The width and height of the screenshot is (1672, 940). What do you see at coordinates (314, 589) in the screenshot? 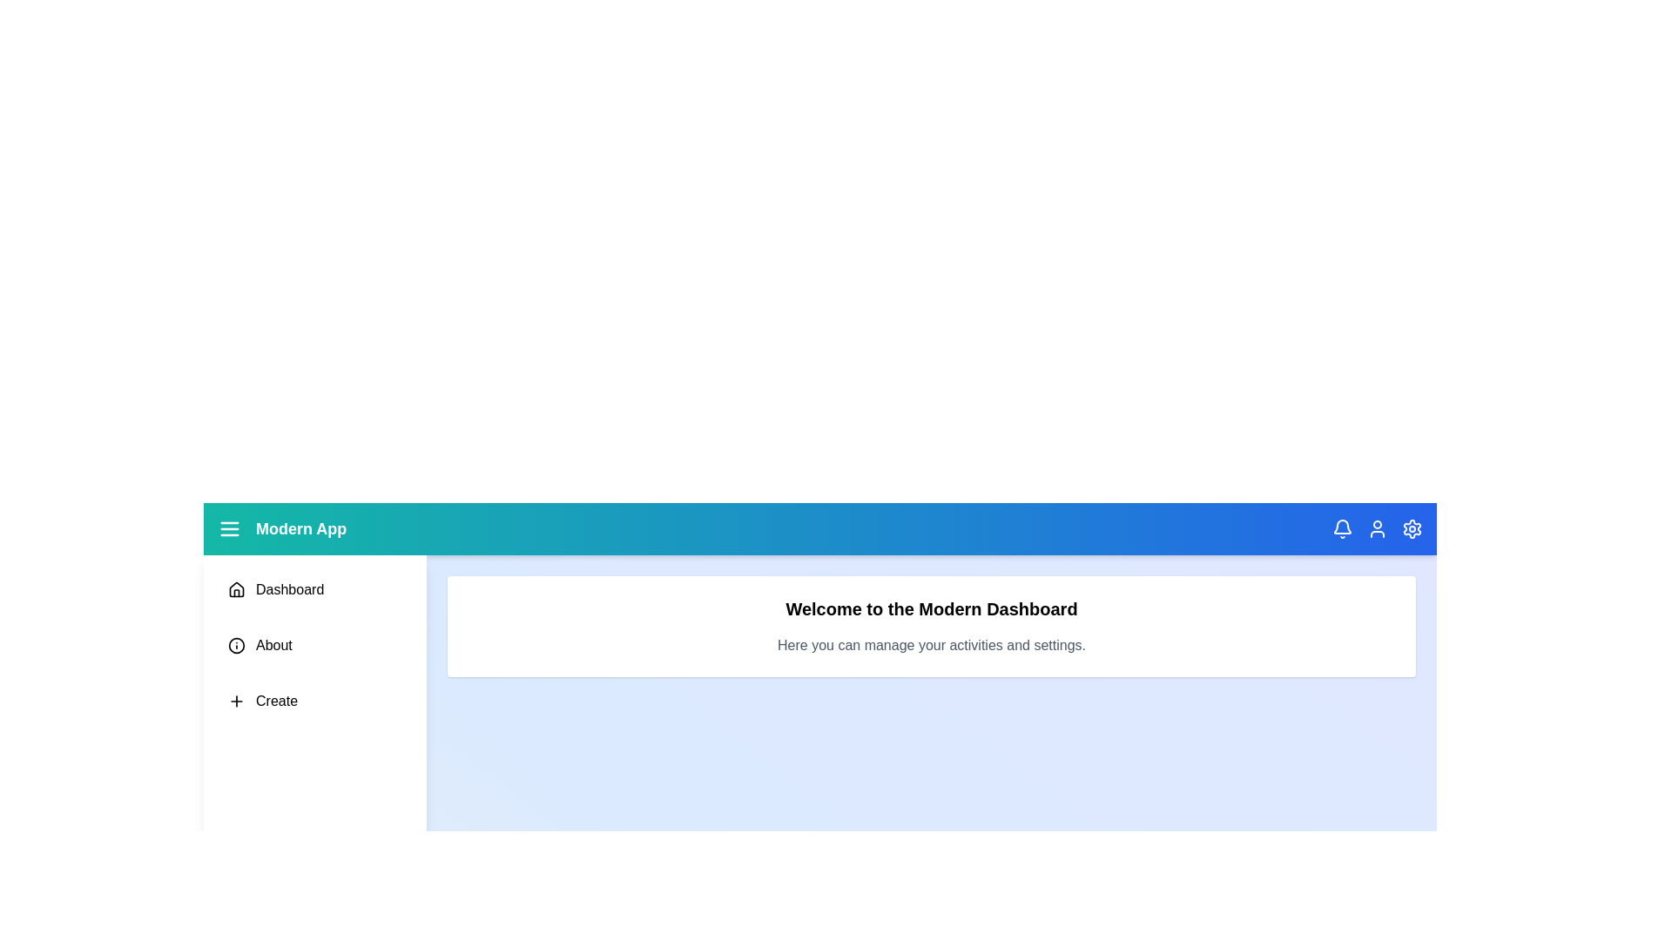
I see `the menu item Dashboard from the sidebar` at bounding box center [314, 589].